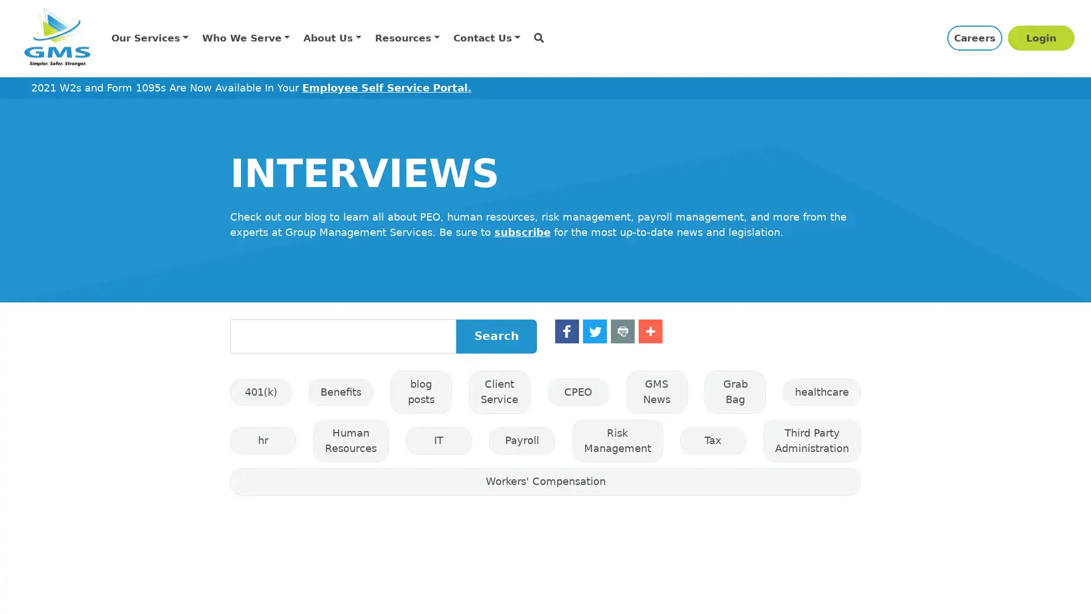 The width and height of the screenshot is (1091, 614). I want to click on Share to More More, so click(758, 331).